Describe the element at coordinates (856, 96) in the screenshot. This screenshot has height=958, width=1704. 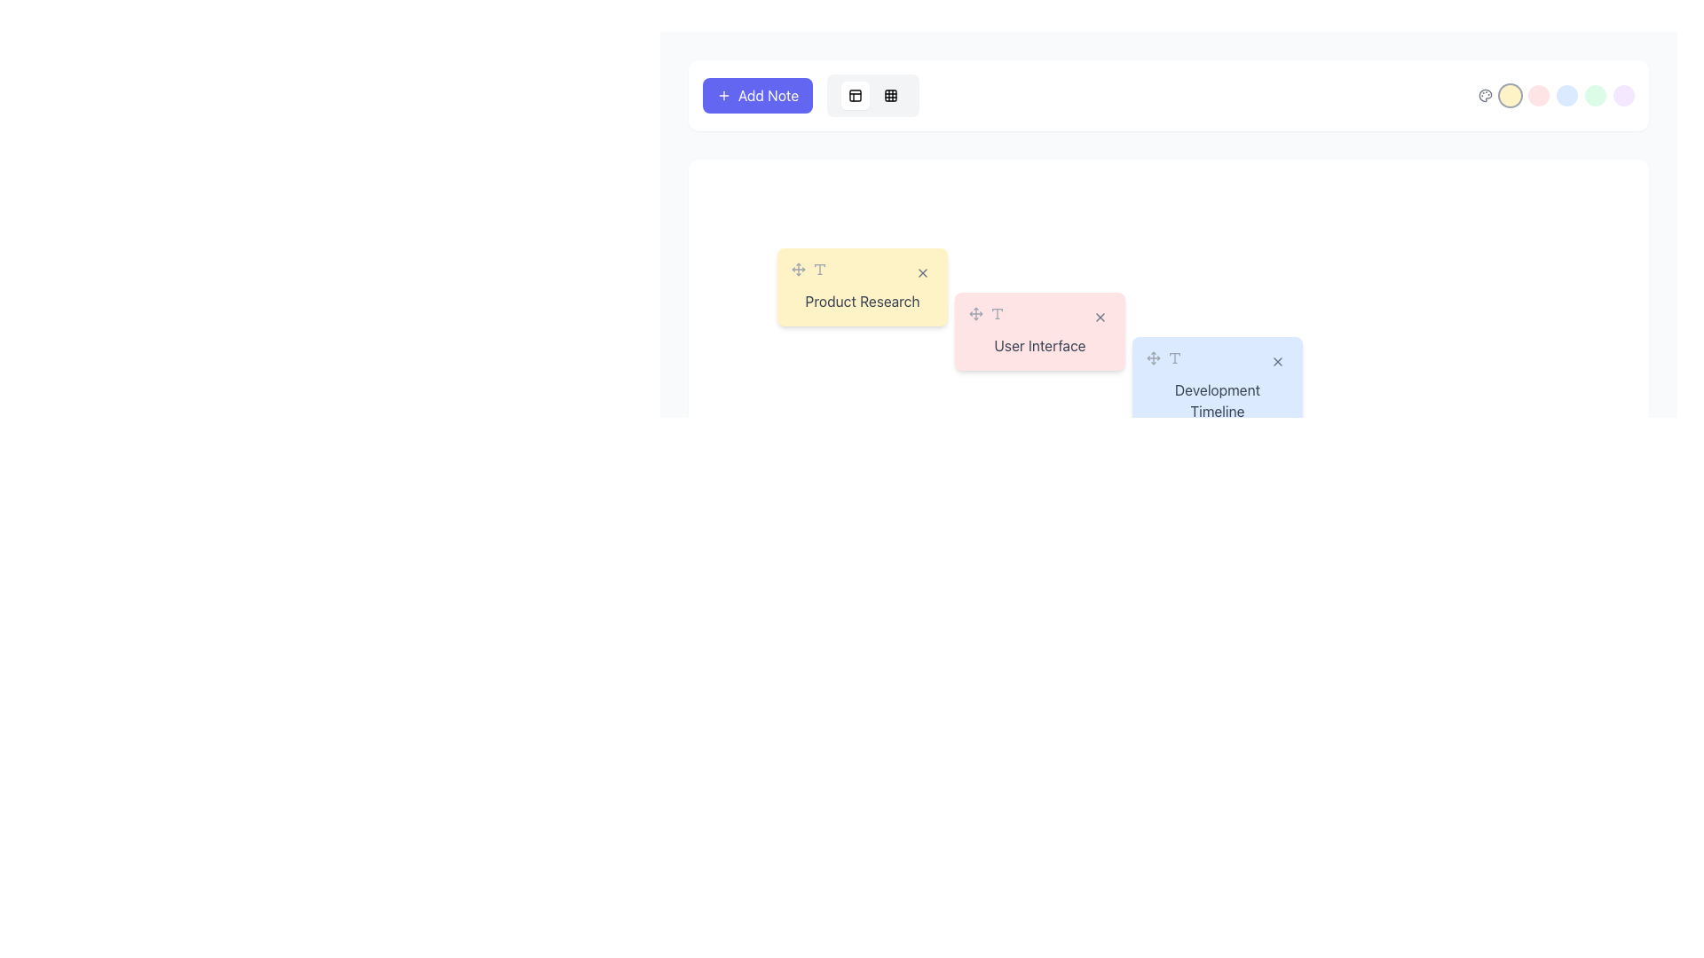
I see `the square-shaped button with a white background and grid symbol` at that location.